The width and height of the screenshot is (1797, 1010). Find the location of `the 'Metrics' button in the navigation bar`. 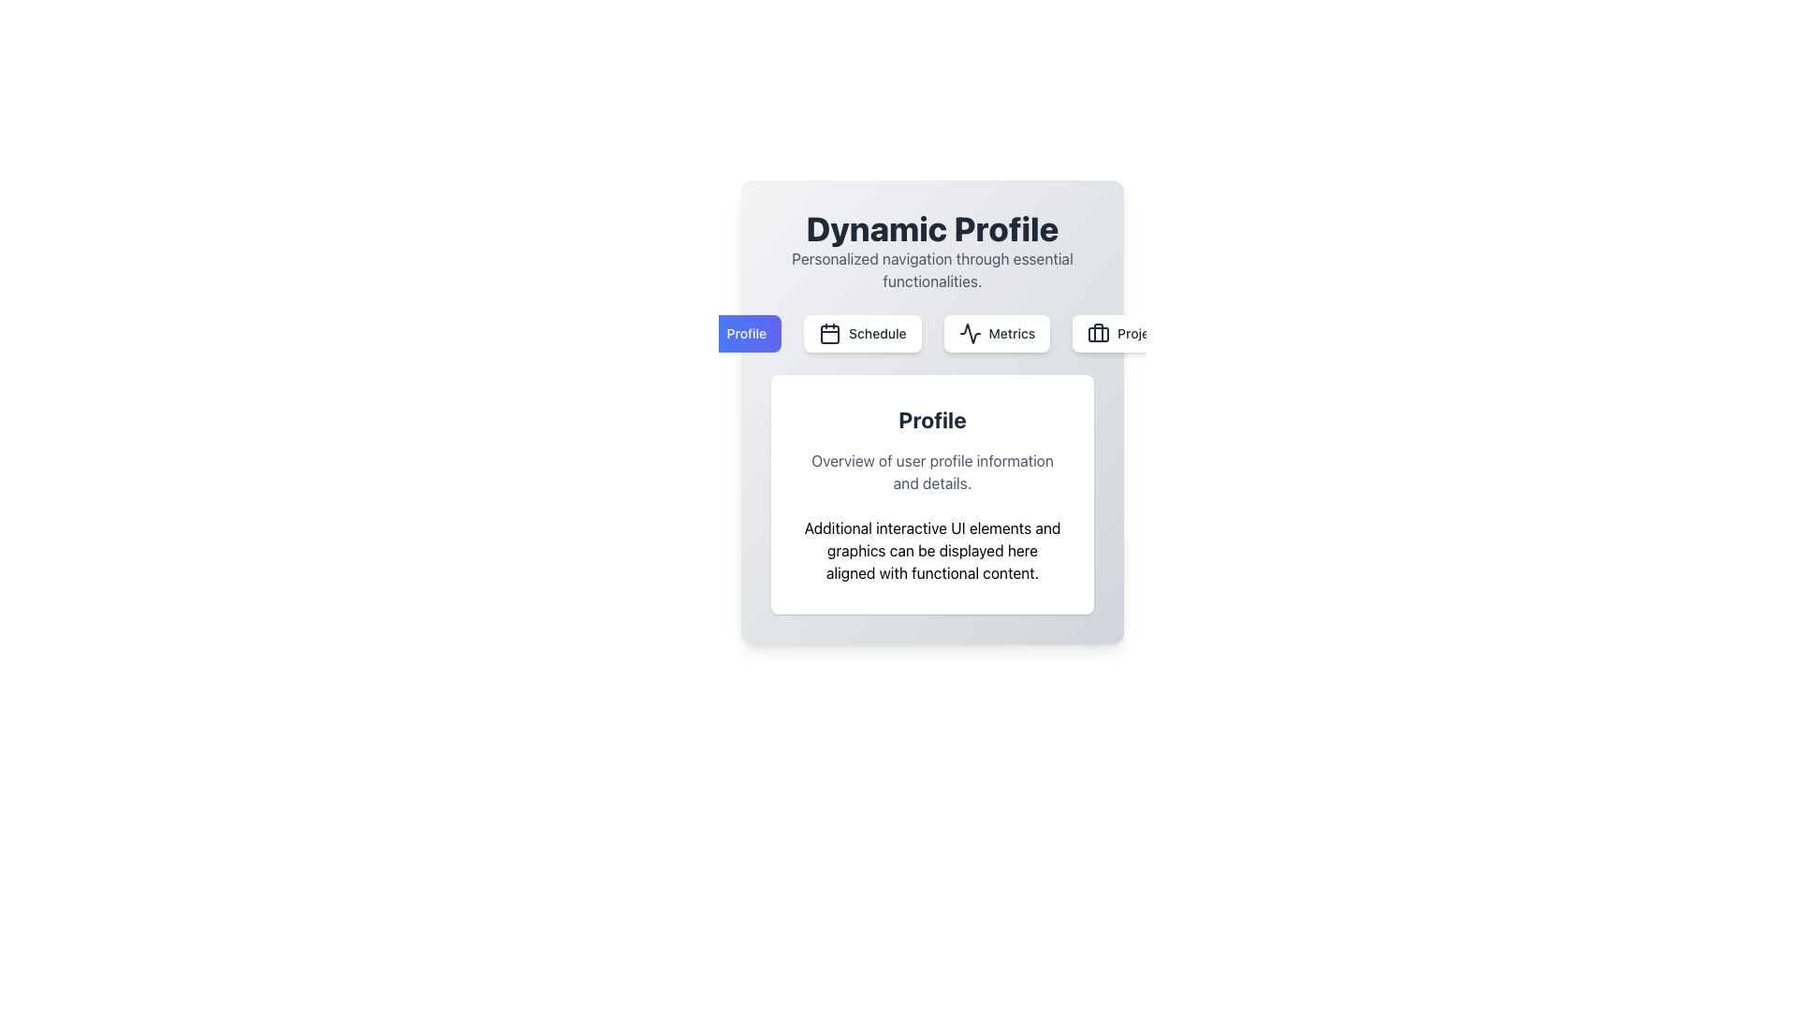

the 'Metrics' button in the navigation bar is located at coordinates (932, 333).